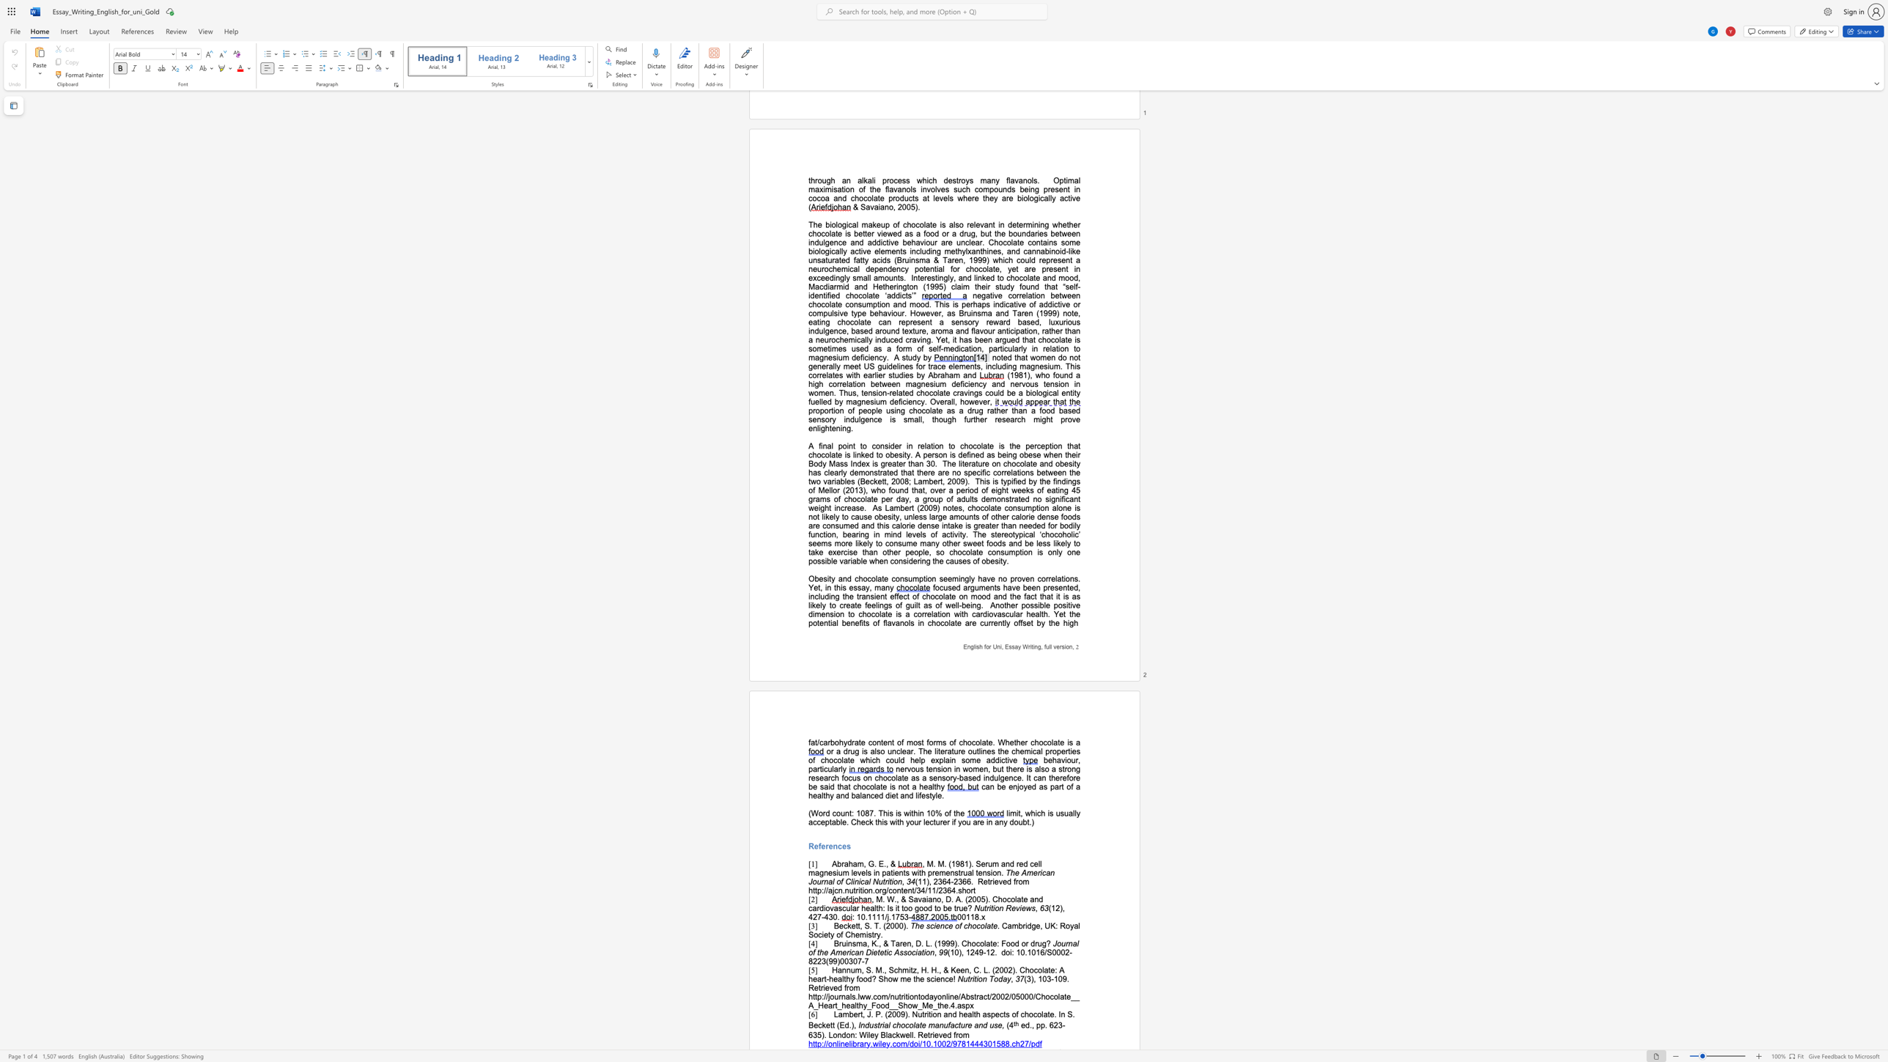 The width and height of the screenshot is (1888, 1062). What do you see at coordinates (1038, 978) in the screenshot?
I see `the subset text "103-1" within the text "(3), 103-109"` at bounding box center [1038, 978].